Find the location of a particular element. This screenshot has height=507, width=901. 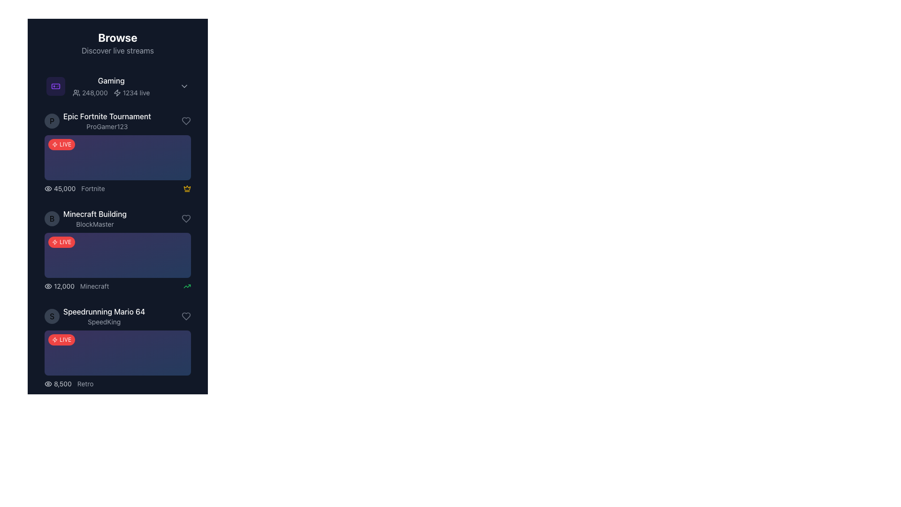

the 'like' or 'favorite' button located on the far right side of the 'Speedrunning Mario 64' list entry is located at coordinates (186, 219).